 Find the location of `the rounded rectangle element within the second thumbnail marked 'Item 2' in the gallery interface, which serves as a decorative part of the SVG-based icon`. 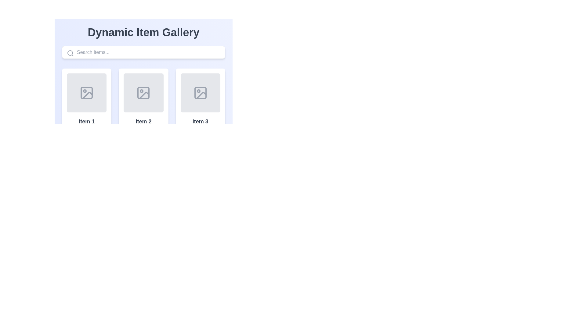

the rounded rectangle element within the second thumbnail marked 'Item 2' in the gallery interface, which serves as a decorative part of the SVG-based icon is located at coordinates (143, 93).